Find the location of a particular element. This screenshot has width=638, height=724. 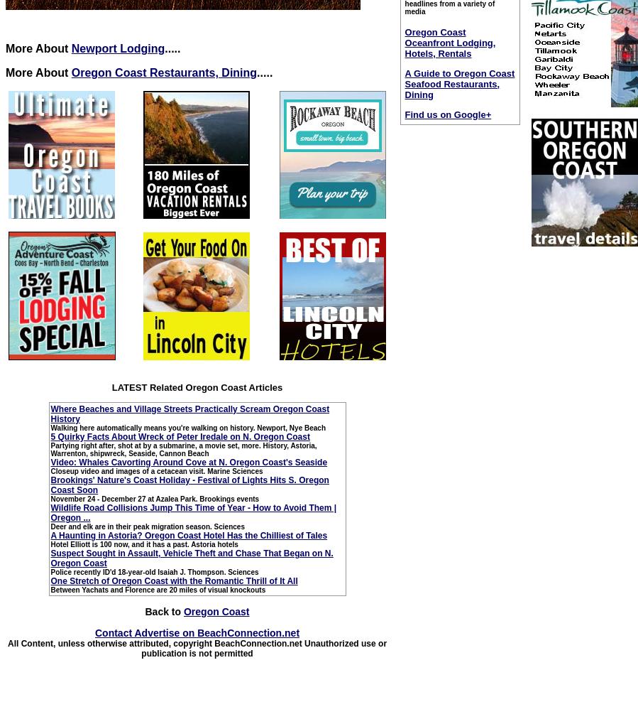

'Find us on Google+' is located at coordinates (404, 114).